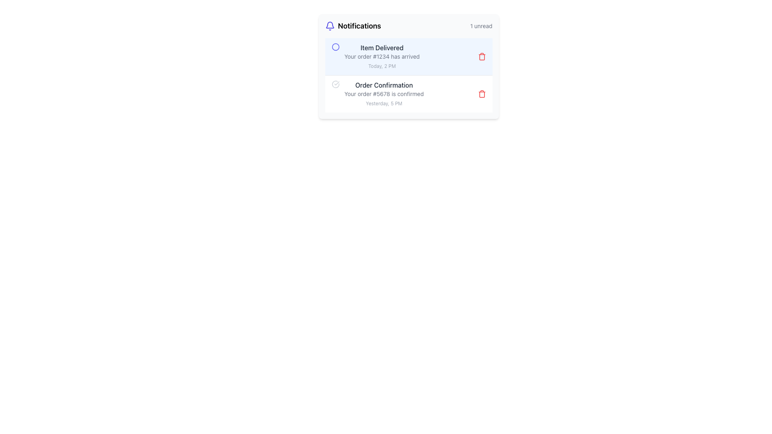  What do you see at coordinates (335, 47) in the screenshot?
I see `the vector graphic circle element that serves as a visual indicator for the first notification` at bounding box center [335, 47].